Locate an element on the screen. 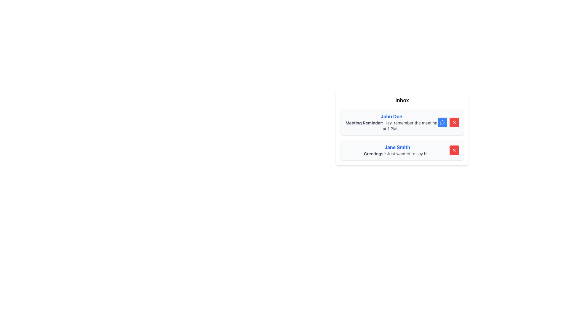  the square red button with a white 'X' icon located in the second message card titled 'Jane Smith' is located at coordinates (454, 150).